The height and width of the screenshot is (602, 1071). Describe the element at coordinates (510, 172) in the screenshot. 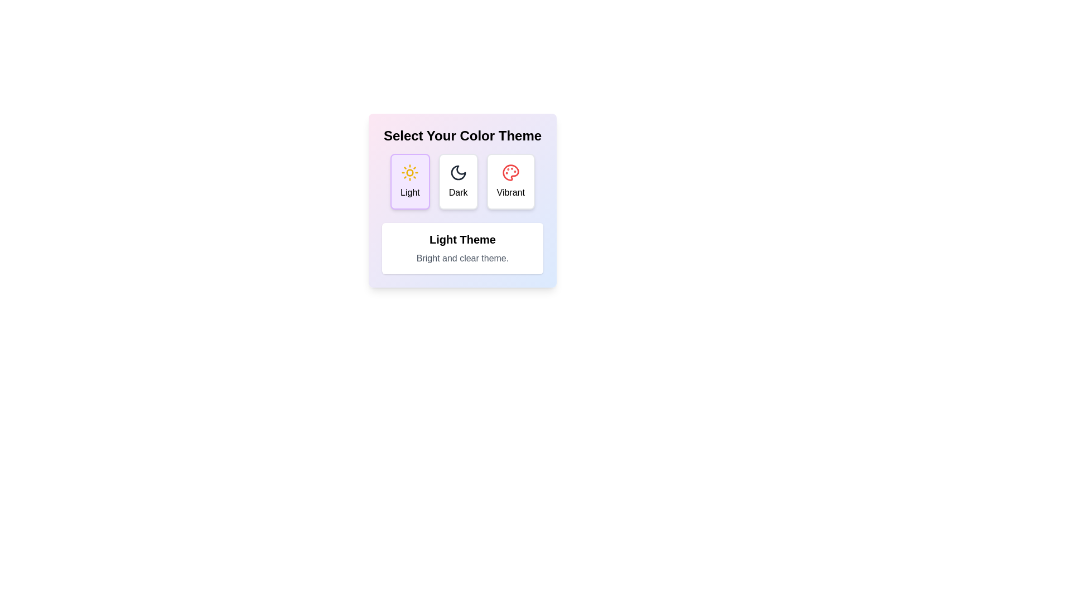

I see `the 'Vibrant' theme icon located in the top half of the rightmost color-themed card` at that location.